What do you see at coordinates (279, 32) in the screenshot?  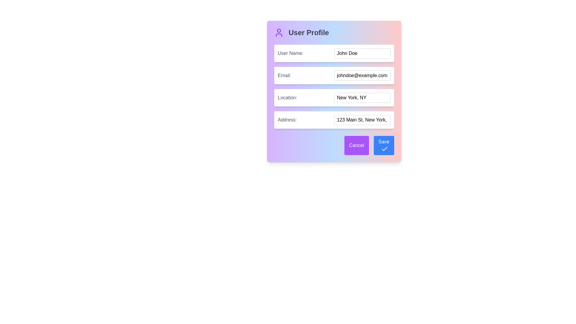 I see `the user profile icon, which is a visual representation of the user profile and is positioned to the left of the text 'User Profile'` at bounding box center [279, 32].